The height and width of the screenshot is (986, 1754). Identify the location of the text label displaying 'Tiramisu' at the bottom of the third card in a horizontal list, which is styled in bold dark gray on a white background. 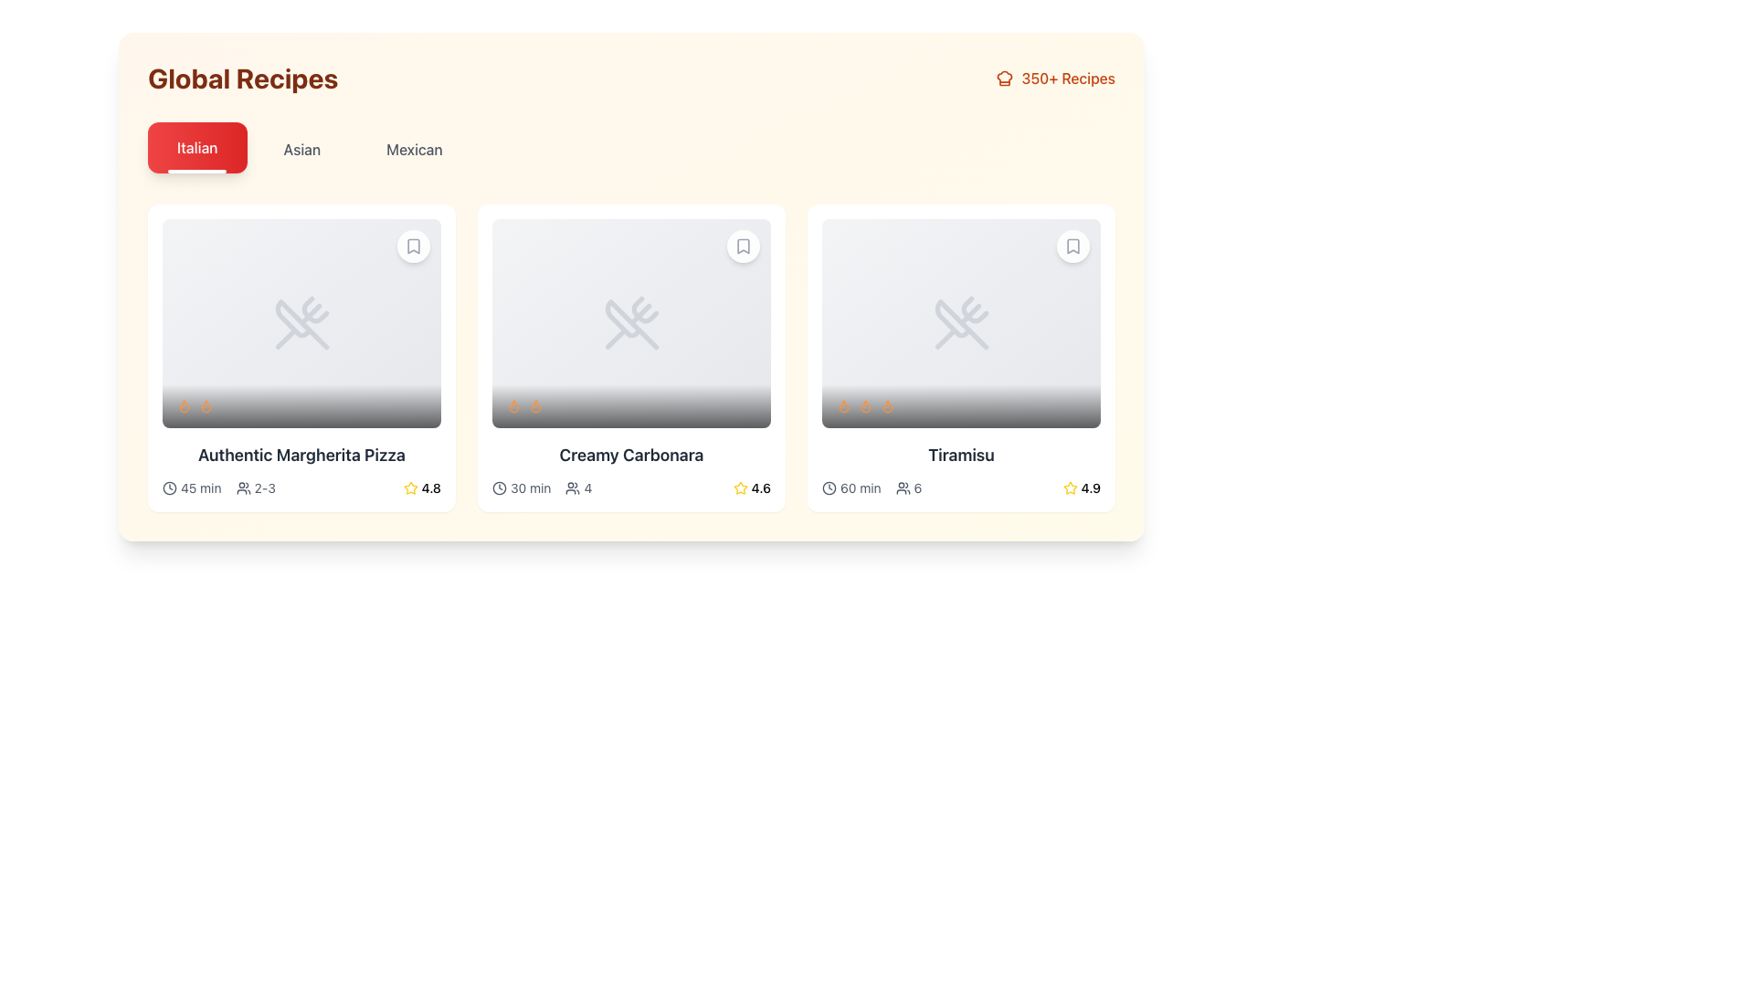
(960, 454).